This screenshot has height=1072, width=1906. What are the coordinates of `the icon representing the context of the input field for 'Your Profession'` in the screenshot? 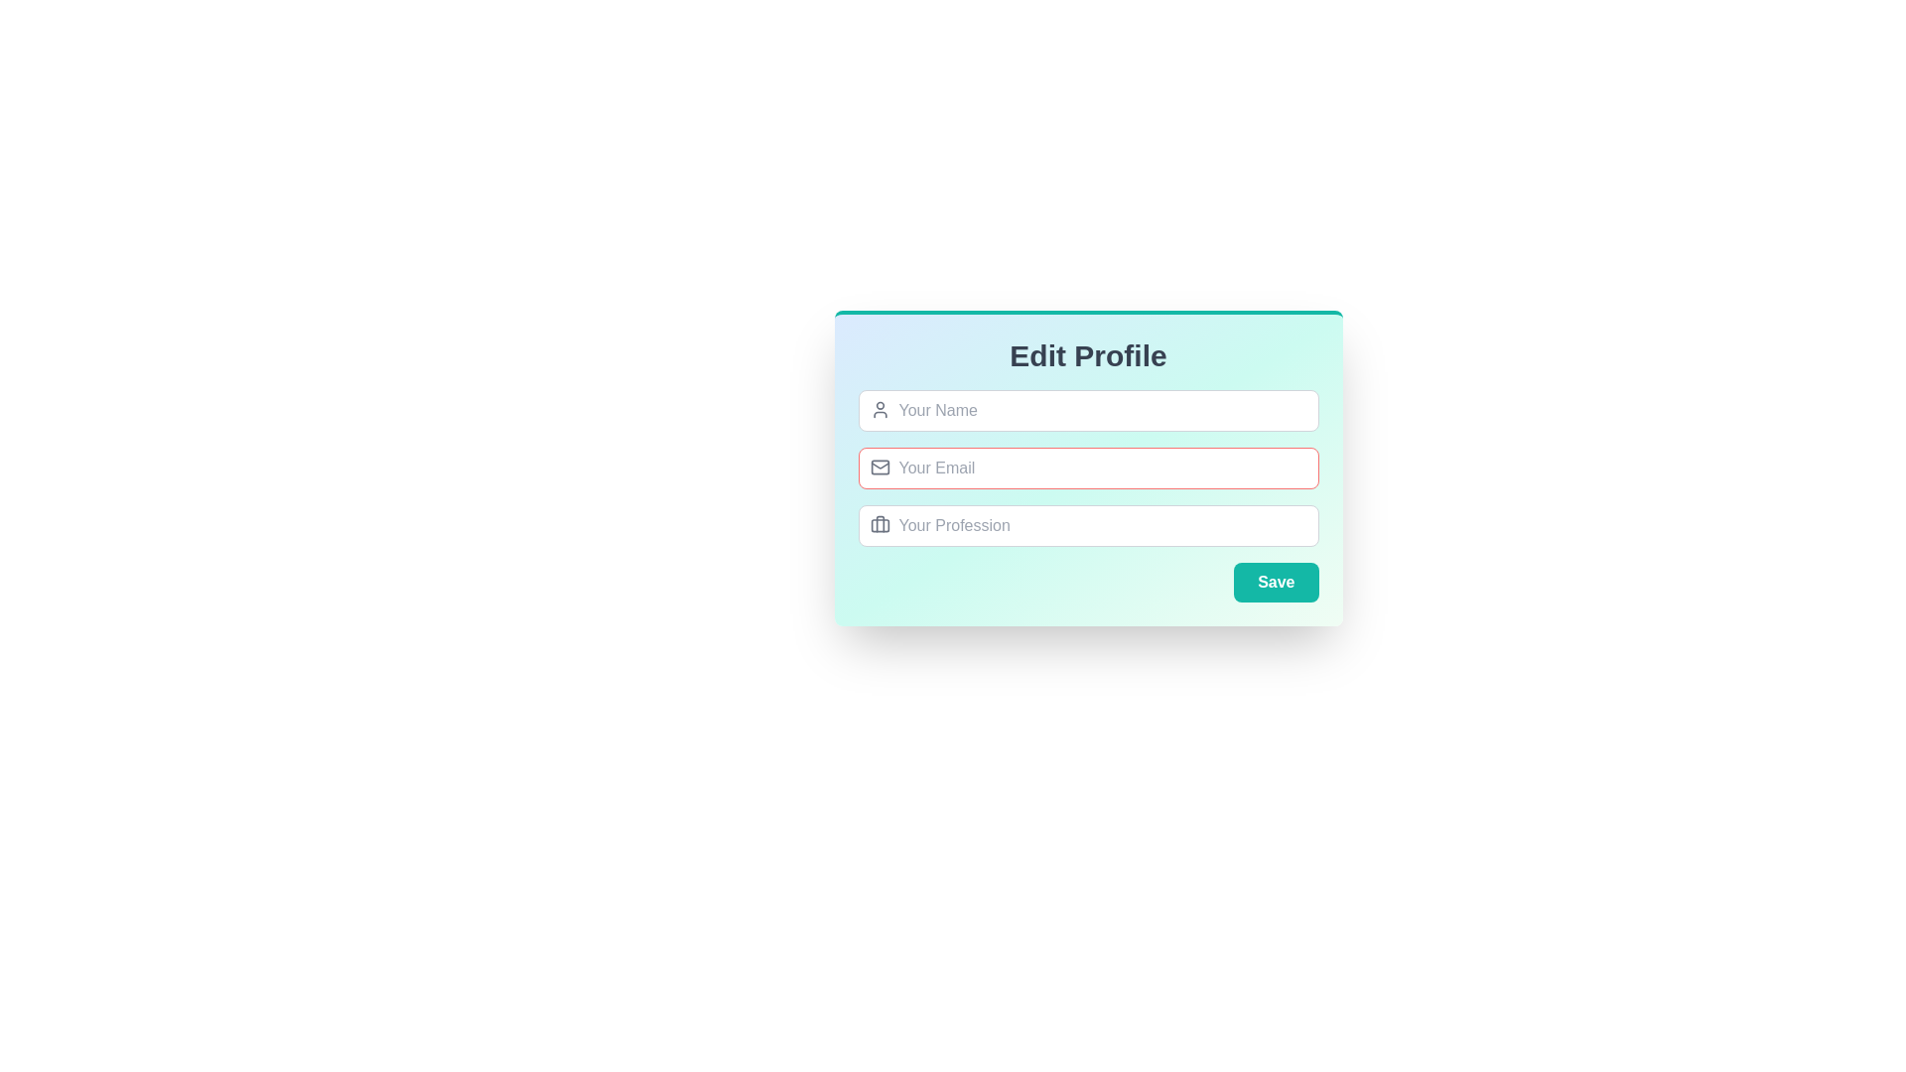 It's located at (879, 523).